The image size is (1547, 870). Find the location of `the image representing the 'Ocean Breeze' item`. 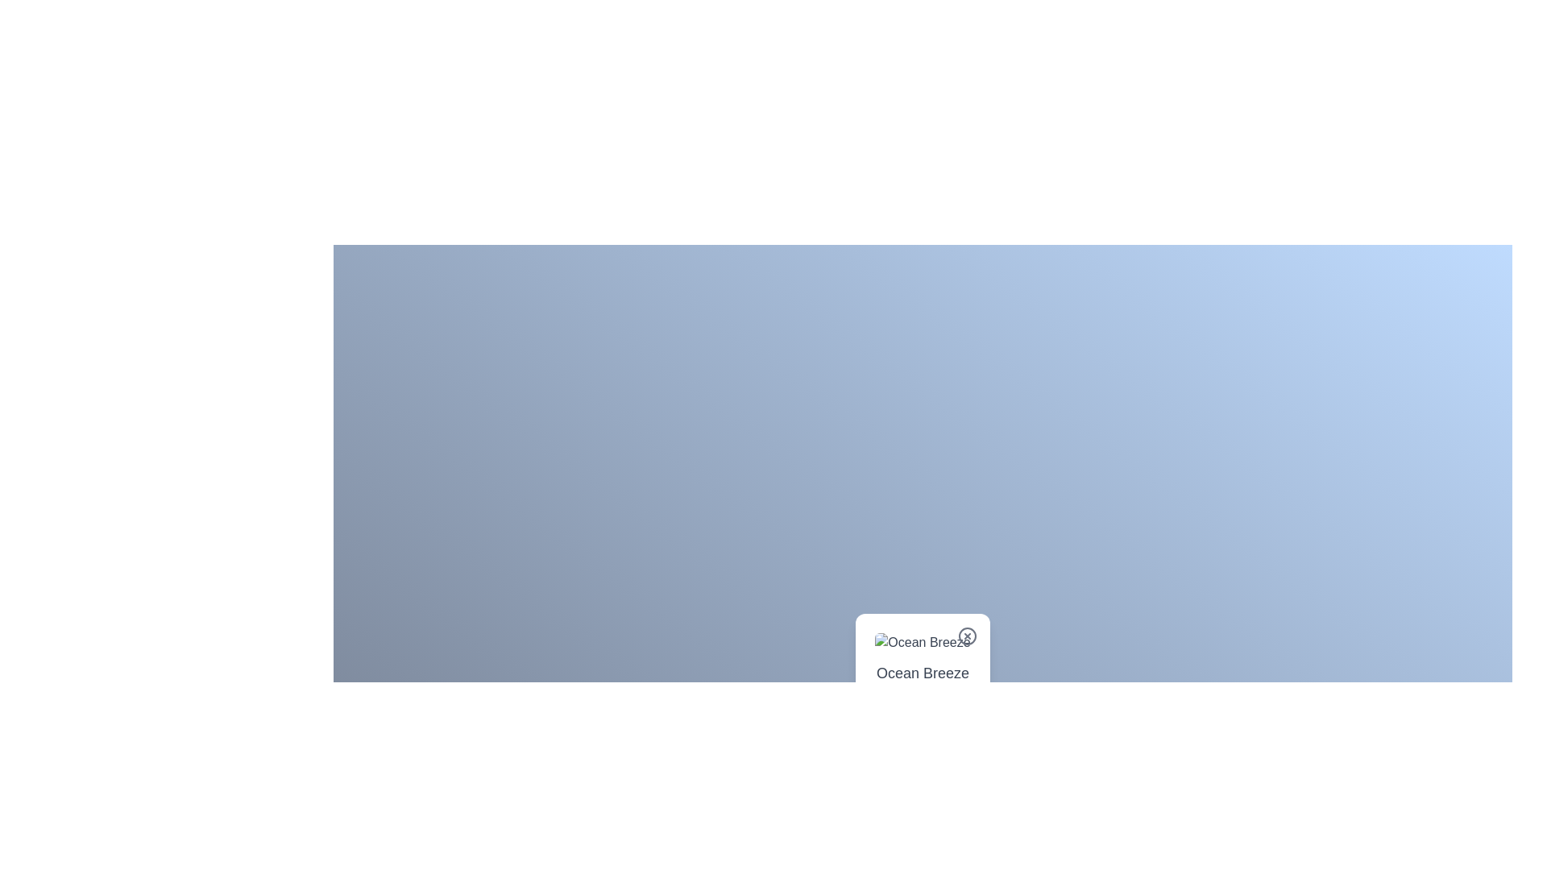

the image representing the 'Ocean Breeze' item is located at coordinates (923, 642).